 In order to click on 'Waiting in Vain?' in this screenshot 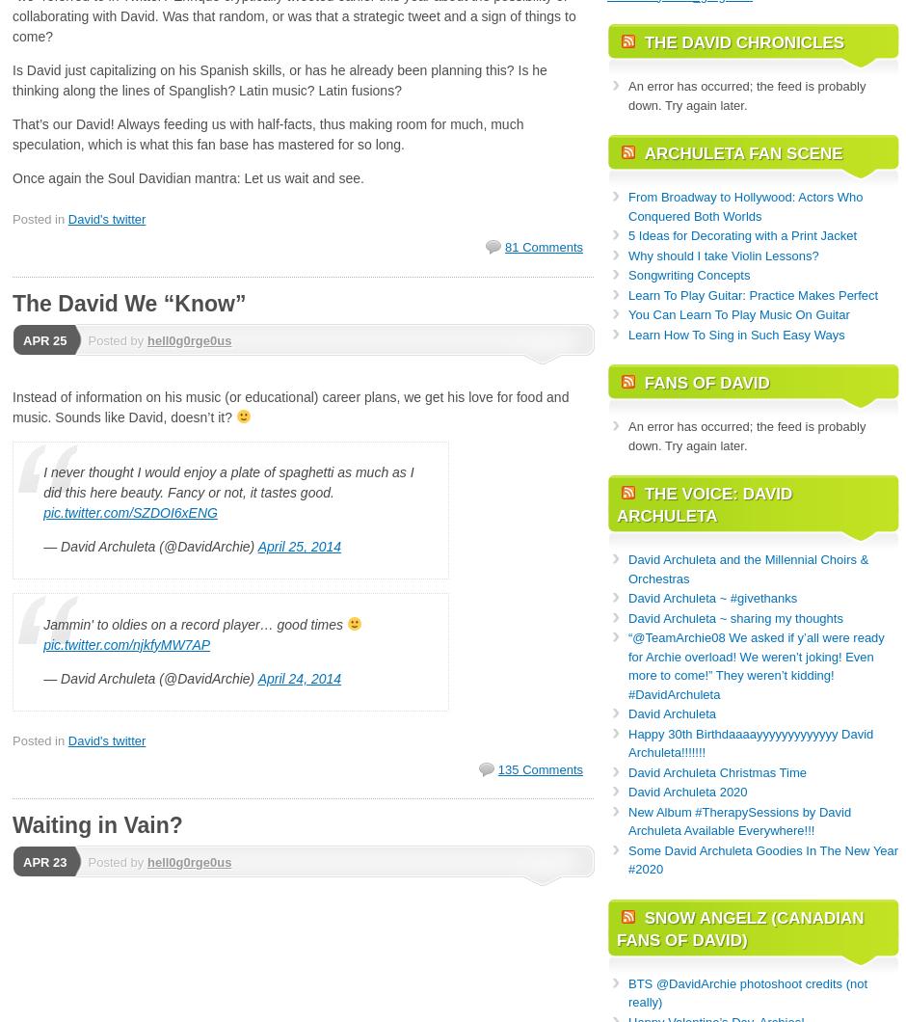, I will do `click(12, 824)`.